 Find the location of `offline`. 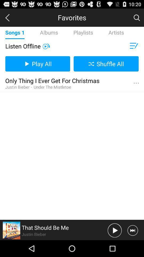

offline is located at coordinates (46, 46).